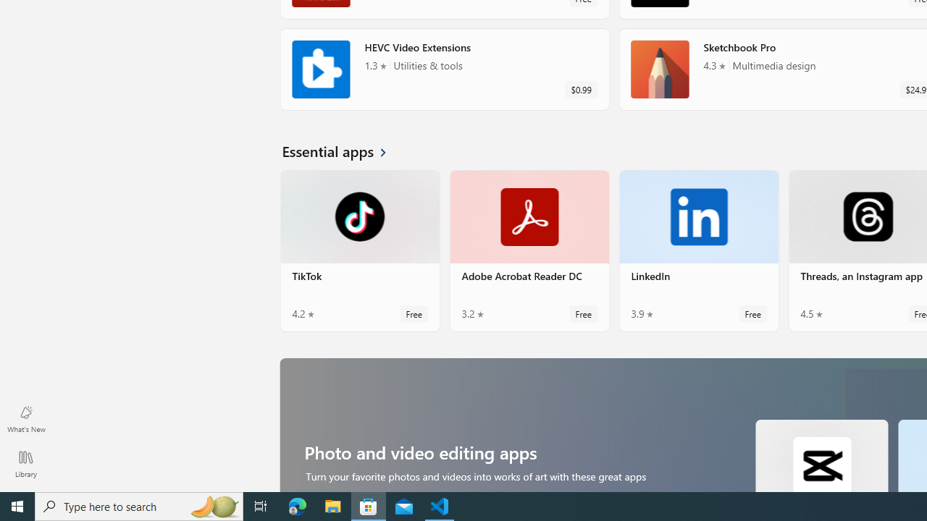  I want to click on 'See all  Essential apps', so click(342, 151).